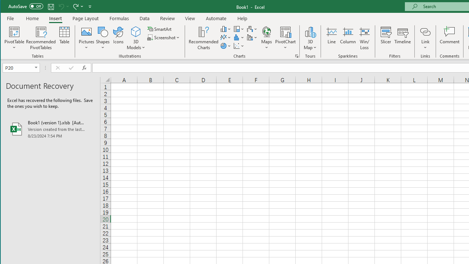 This screenshot has height=264, width=469. Describe the element at coordinates (32, 18) in the screenshot. I see `'Home'` at that location.